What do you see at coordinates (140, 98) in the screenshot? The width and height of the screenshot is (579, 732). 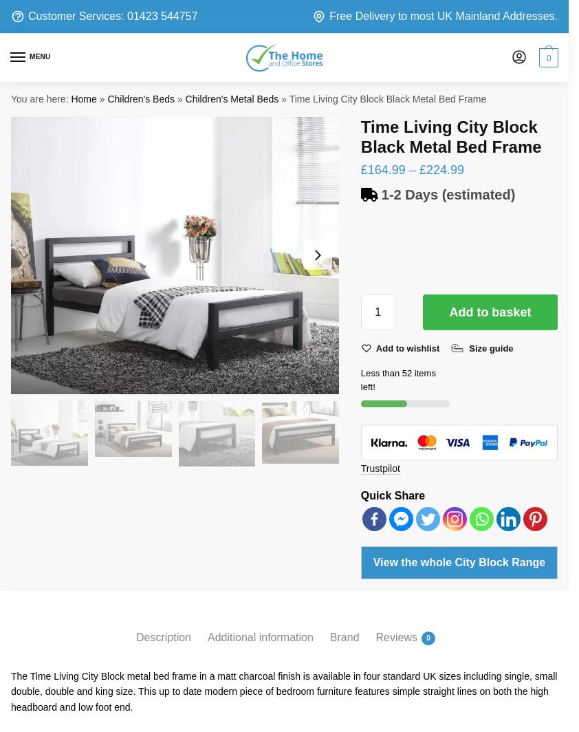 I see `'Children's Beds'` at bounding box center [140, 98].